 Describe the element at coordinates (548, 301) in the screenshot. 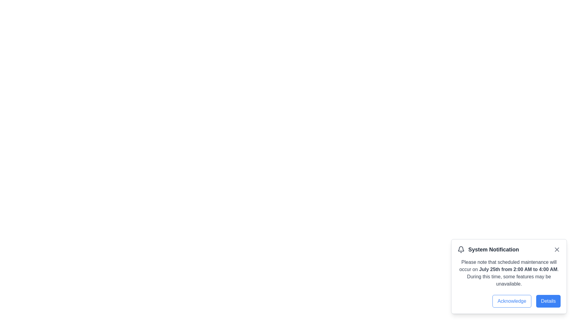

I see `the second button located at the bottom right of the modal window, immediately to the right of the 'Acknowledge' button` at that location.